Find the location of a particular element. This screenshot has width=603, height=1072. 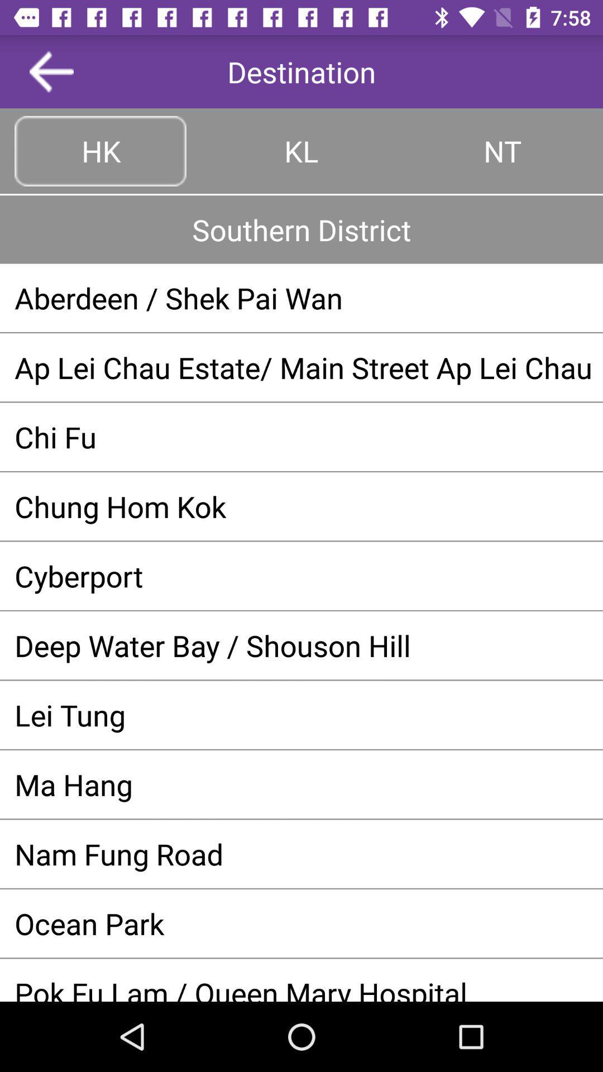

icon below ocean park app is located at coordinates (301, 987).